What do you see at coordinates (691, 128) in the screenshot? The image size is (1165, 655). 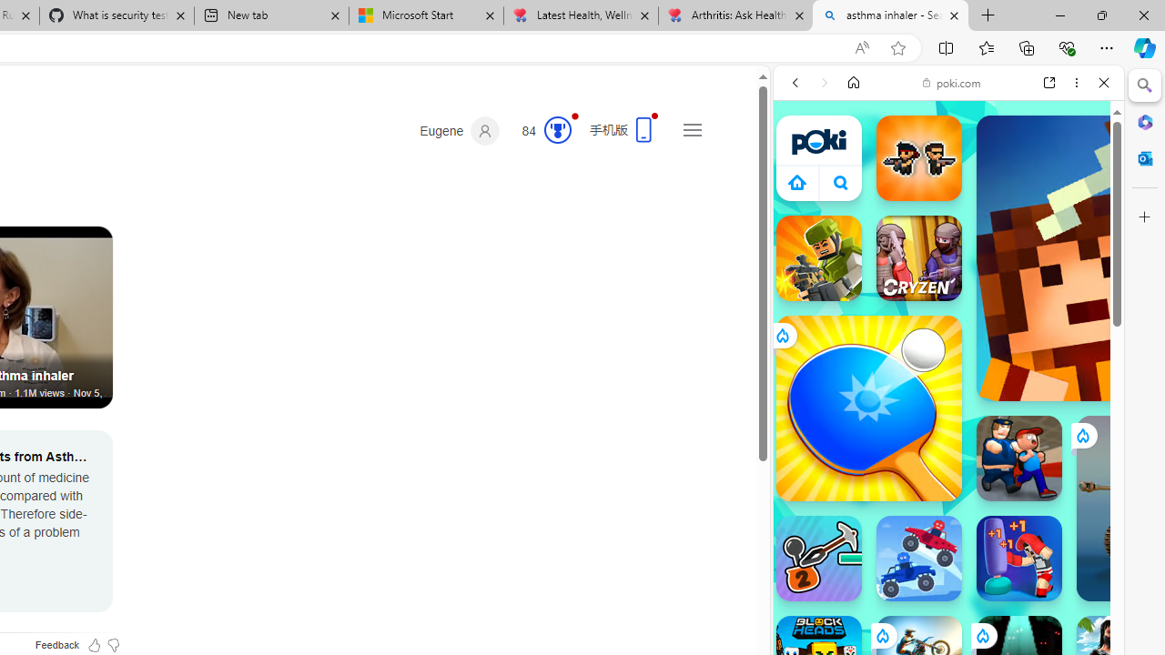 I see `'Settings and quick links'` at bounding box center [691, 128].